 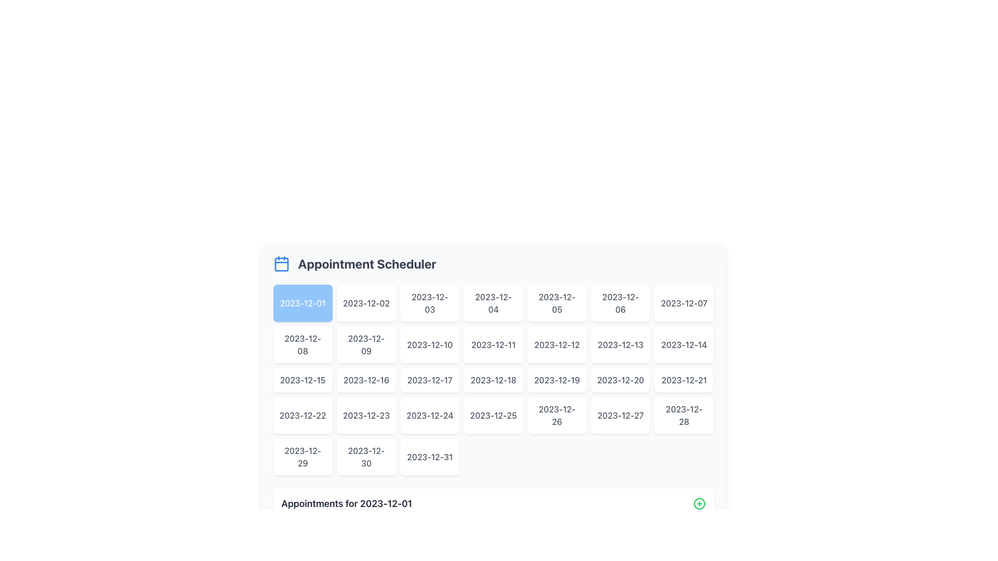 What do you see at coordinates (699, 503) in the screenshot?
I see `the button icon for adding new items or appointments related to the 'Appointments for 2023-12-01' section` at bounding box center [699, 503].